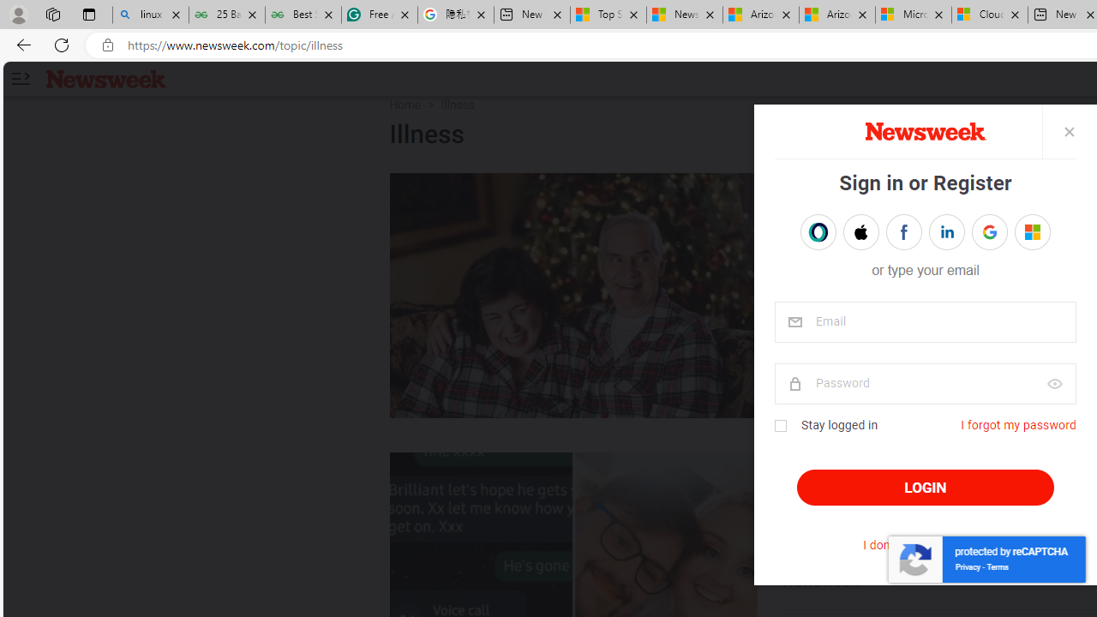 The image size is (1097, 617). I want to click on 'Top Stories - MSN', so click(608, 15).